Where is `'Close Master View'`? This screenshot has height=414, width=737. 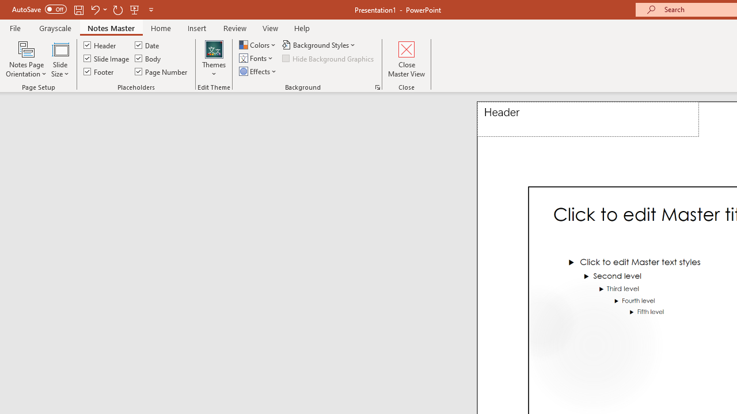
'Close Master View' is located at coordinates (407, 59).